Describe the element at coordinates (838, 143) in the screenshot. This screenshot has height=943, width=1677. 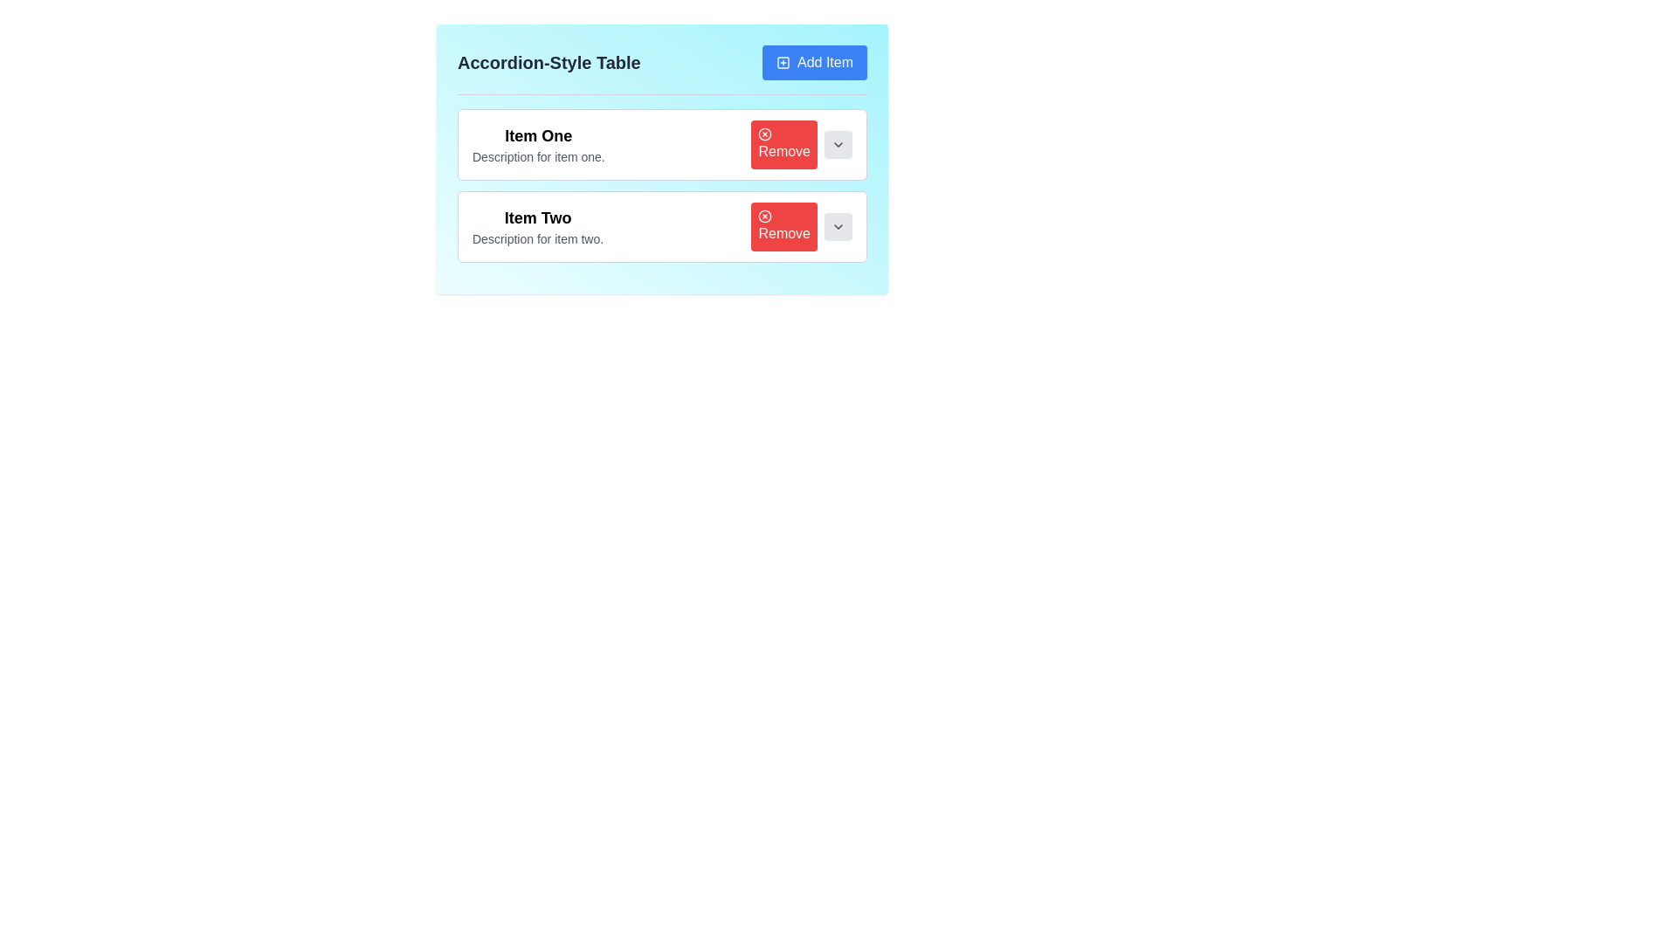
I see `the dropdown toggle button with an icon located to the right of the red 'Remove' button in the second row of the accordion-style table` at that location.